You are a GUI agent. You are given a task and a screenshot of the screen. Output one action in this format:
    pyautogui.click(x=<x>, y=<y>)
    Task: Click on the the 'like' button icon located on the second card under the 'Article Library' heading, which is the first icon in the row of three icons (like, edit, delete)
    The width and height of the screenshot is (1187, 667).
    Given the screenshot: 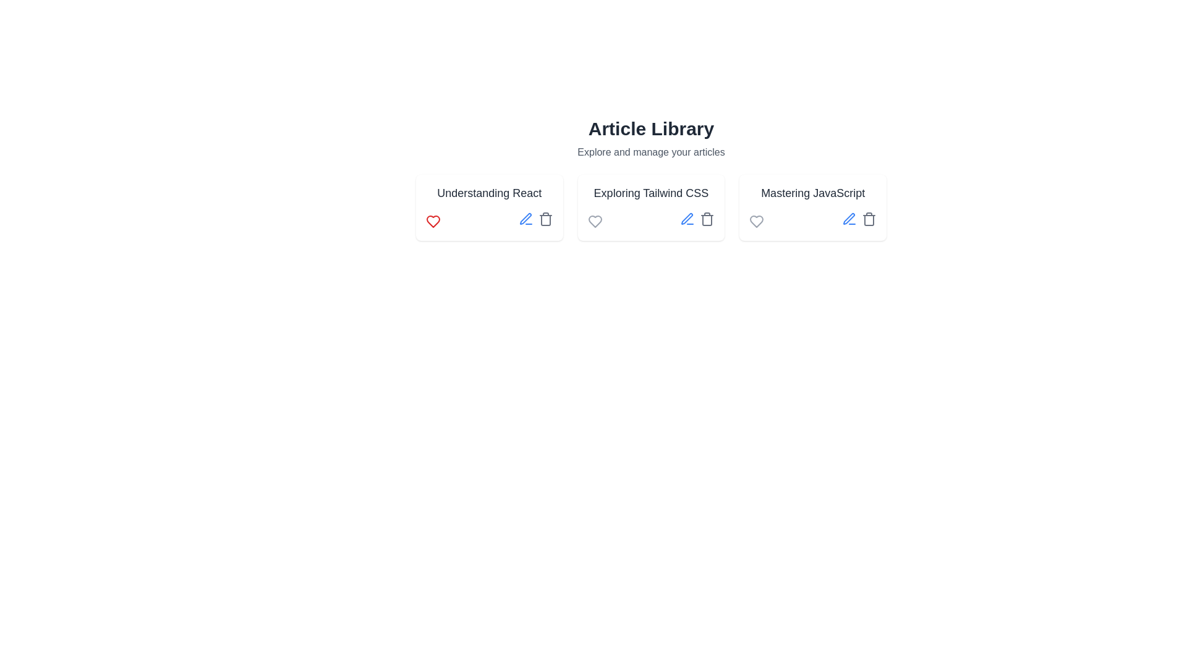 What is the action you would take?
    pyautogui.click(x=595, y=220)
    